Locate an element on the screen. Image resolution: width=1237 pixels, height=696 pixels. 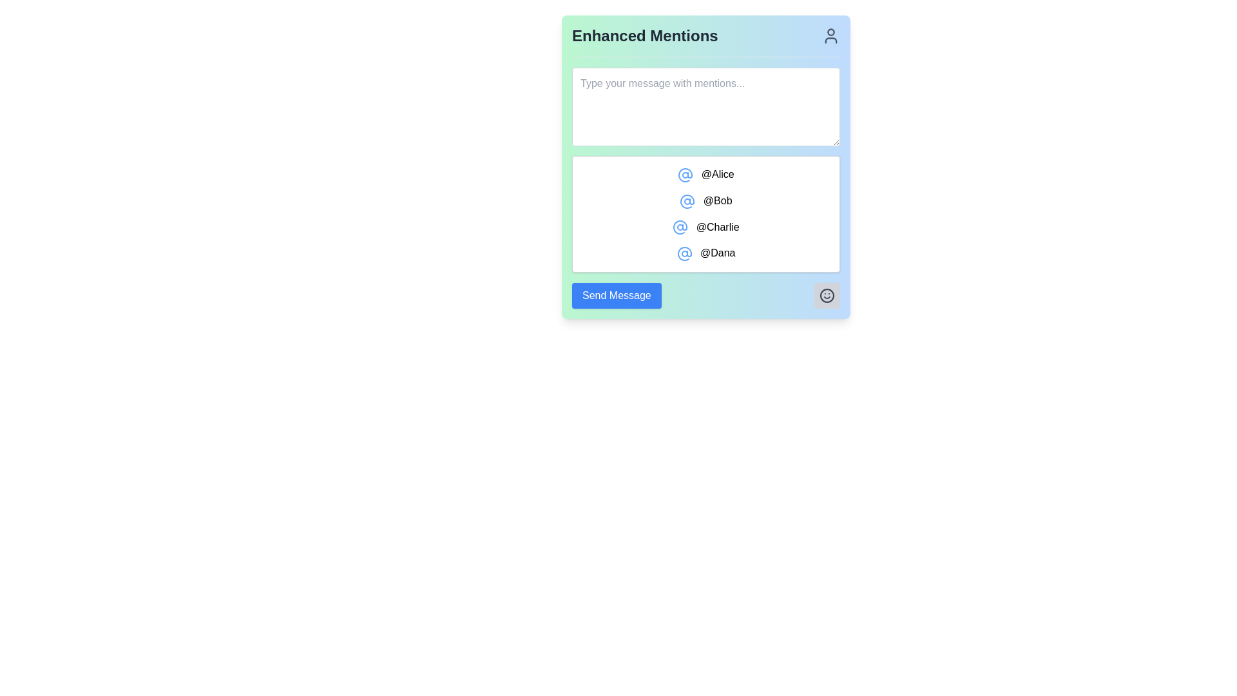
the interactive mention item for user '@Alice' is located at coordinates (705, 166).